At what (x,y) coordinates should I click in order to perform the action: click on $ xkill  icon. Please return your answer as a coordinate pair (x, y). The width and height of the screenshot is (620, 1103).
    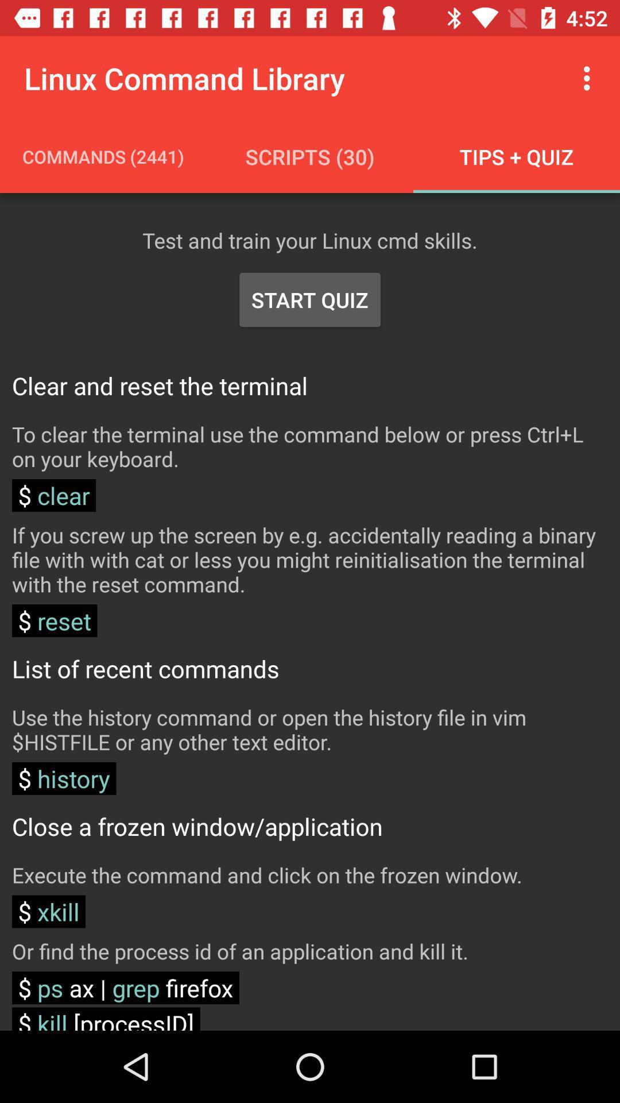
    Looking at the image, I should click on (48, 911).